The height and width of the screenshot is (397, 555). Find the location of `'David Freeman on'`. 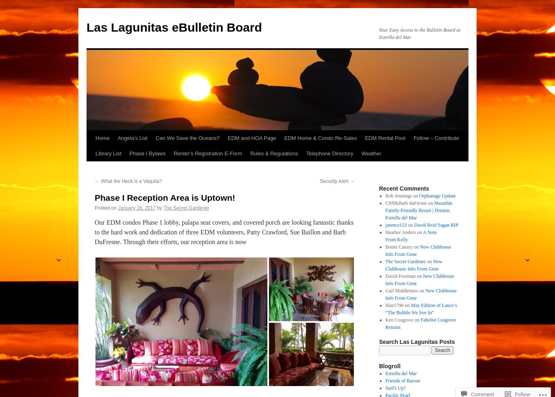

'David Freeman on' is located at coordinates (404, 275).